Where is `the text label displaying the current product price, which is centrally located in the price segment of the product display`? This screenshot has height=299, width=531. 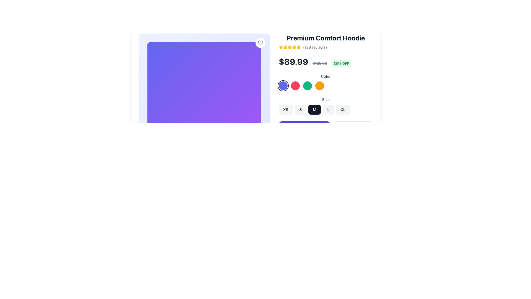
the text label displaying the current product price, which is centrally located in the price segment of the product display is located at coordinates (293, 62).